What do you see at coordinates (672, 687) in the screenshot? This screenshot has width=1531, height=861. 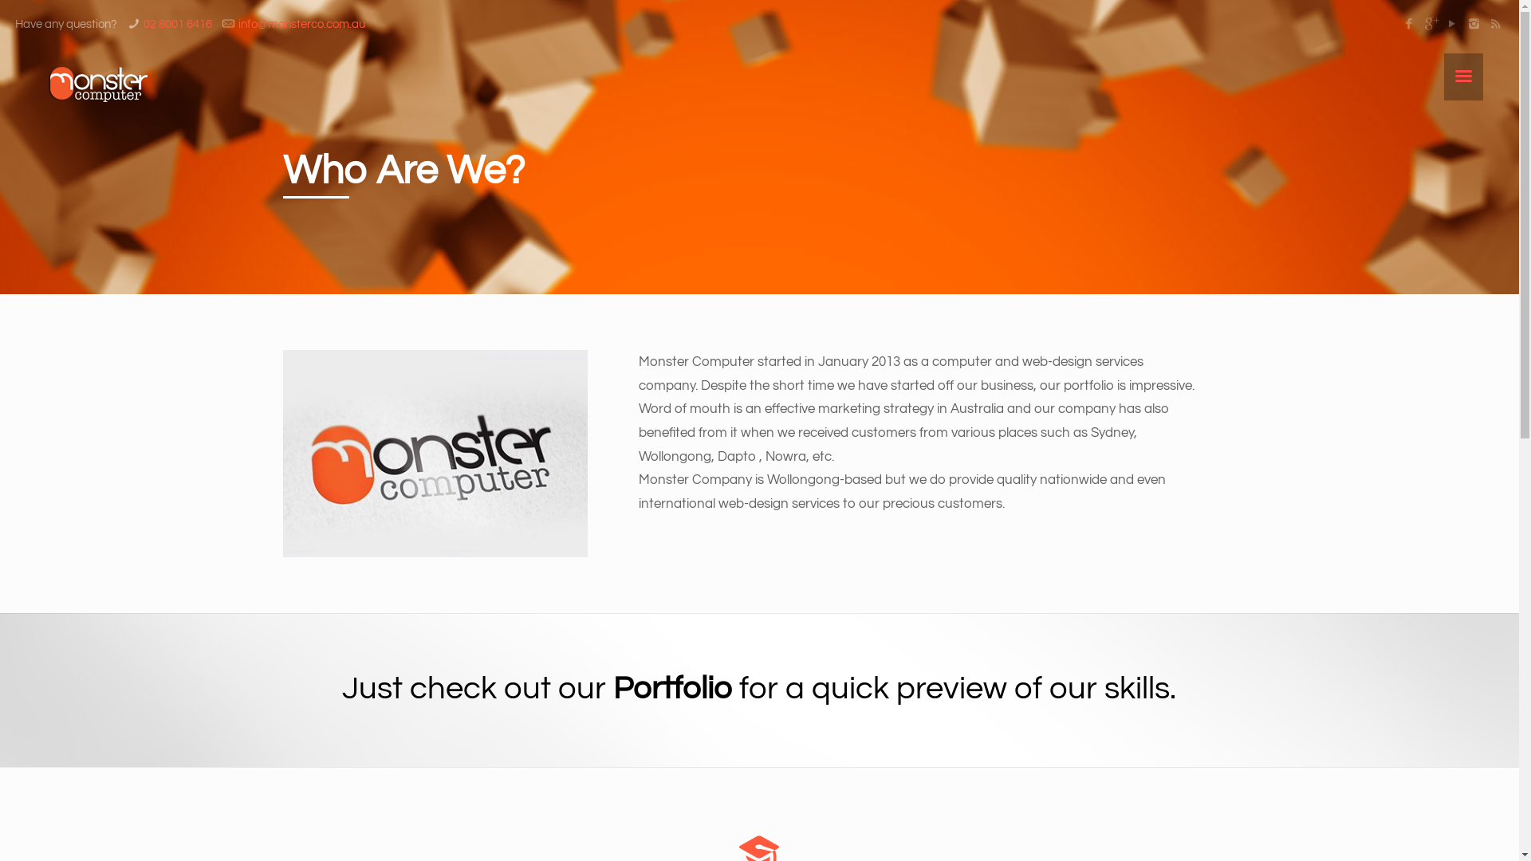 I see `'Portfolio'` at bounding box center [672, 687].